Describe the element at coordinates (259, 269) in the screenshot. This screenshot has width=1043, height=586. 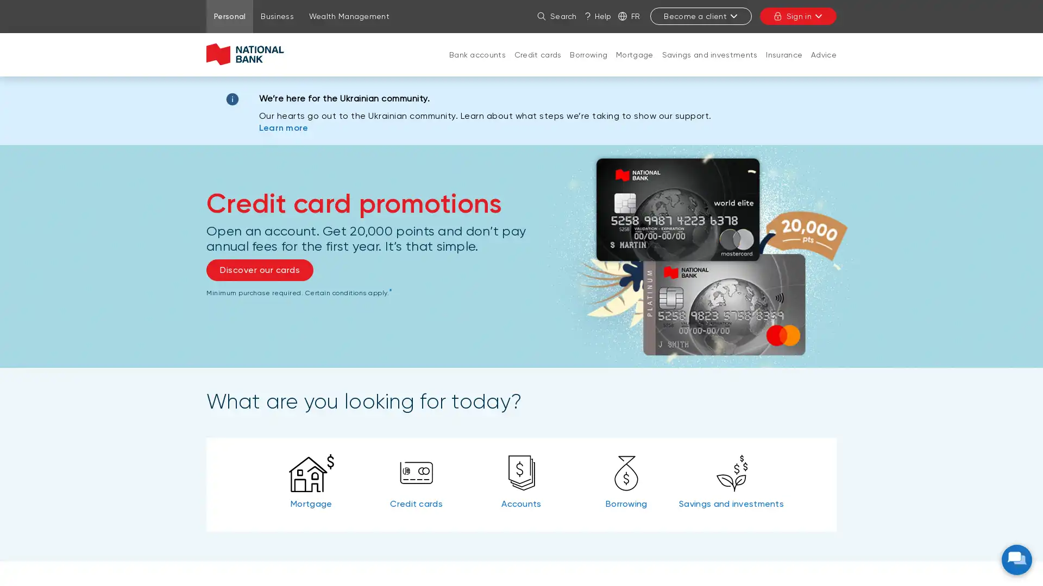
I see `Discover our cards` at that location.